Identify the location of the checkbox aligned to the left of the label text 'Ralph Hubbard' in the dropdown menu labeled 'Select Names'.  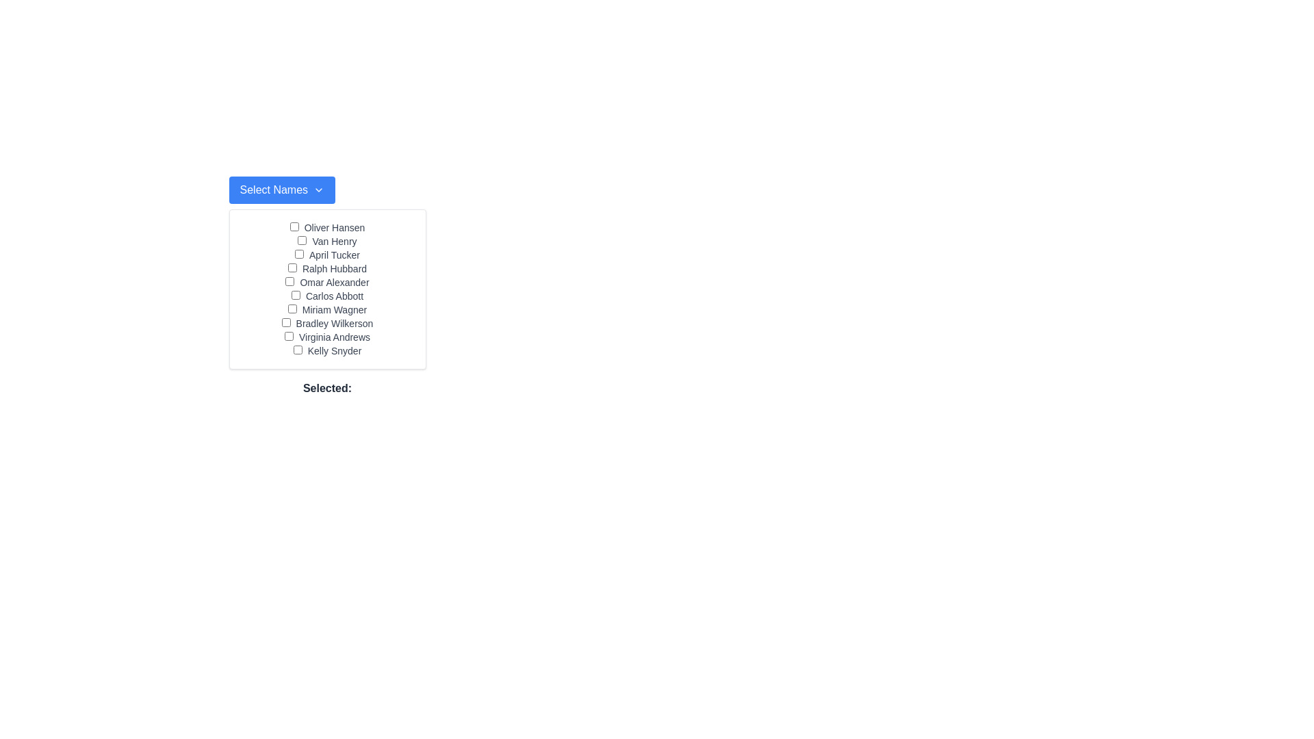
(292, 268).